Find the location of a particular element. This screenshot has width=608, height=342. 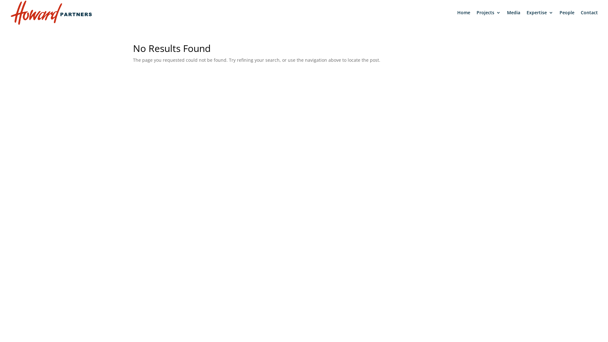

'People' is located at coordinates (567, 17).